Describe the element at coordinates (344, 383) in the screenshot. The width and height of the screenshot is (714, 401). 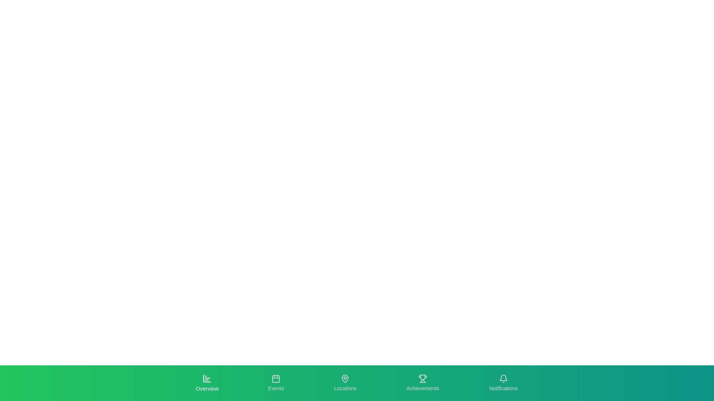
I see `the tab labeled Locations to see its hover effect` at that location.